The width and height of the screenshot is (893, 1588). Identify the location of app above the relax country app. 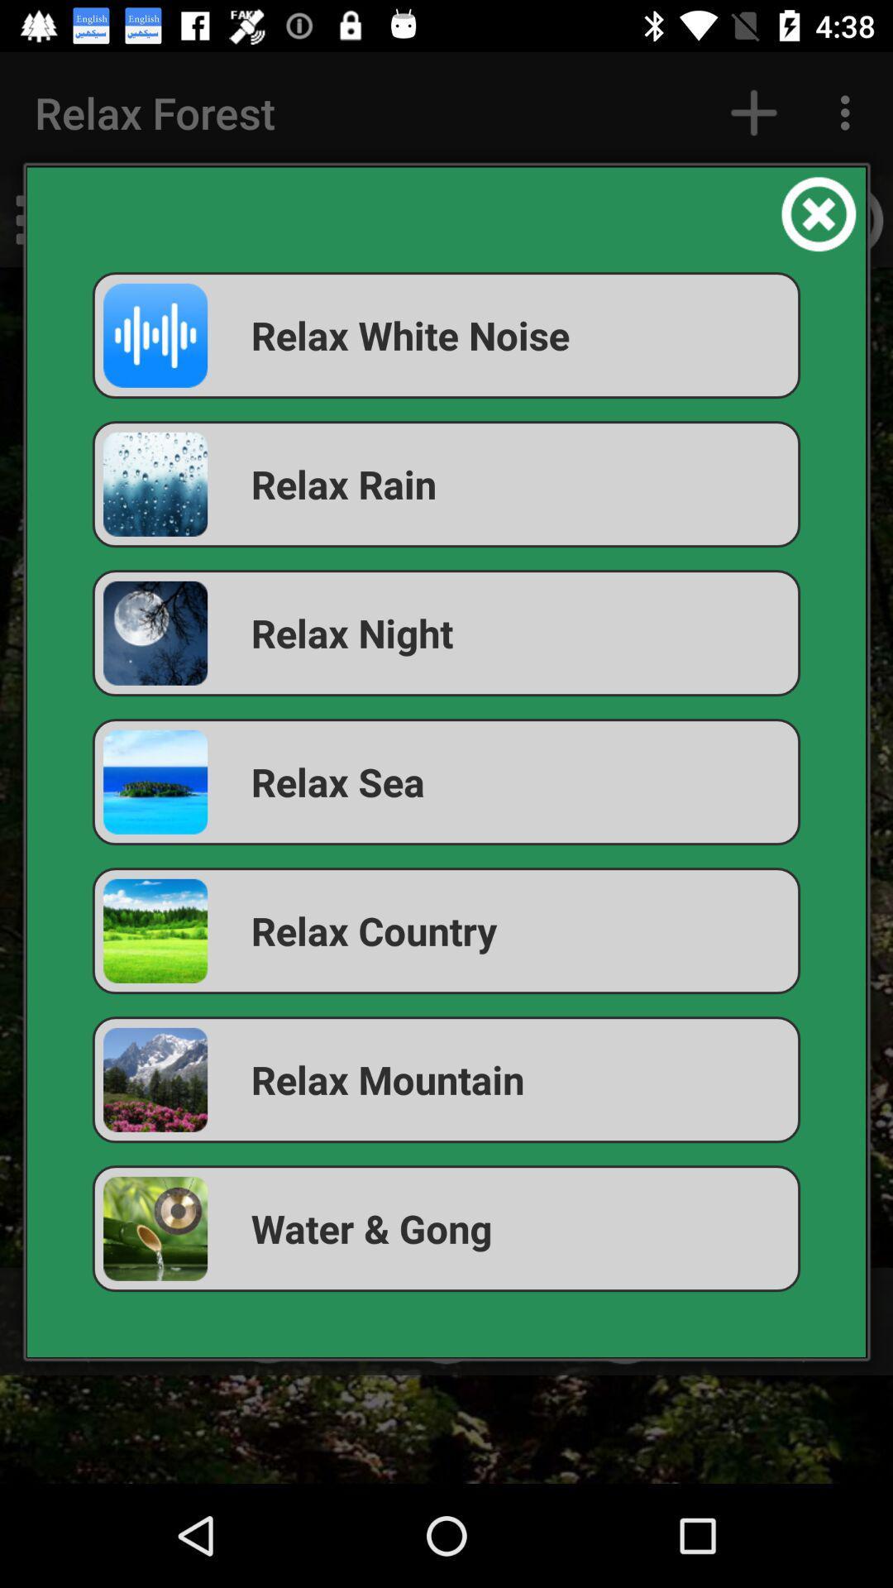
(446, 781).